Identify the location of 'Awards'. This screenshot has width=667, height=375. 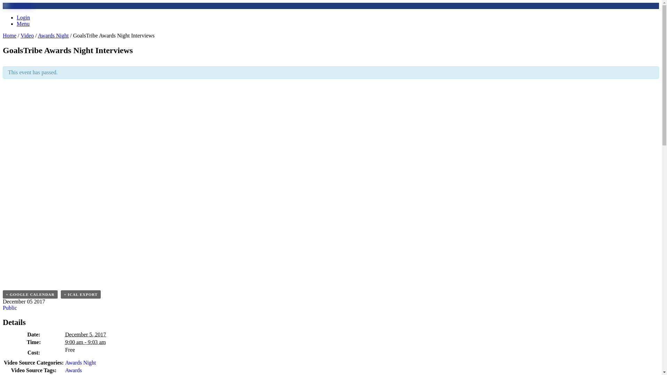
(73, 370).